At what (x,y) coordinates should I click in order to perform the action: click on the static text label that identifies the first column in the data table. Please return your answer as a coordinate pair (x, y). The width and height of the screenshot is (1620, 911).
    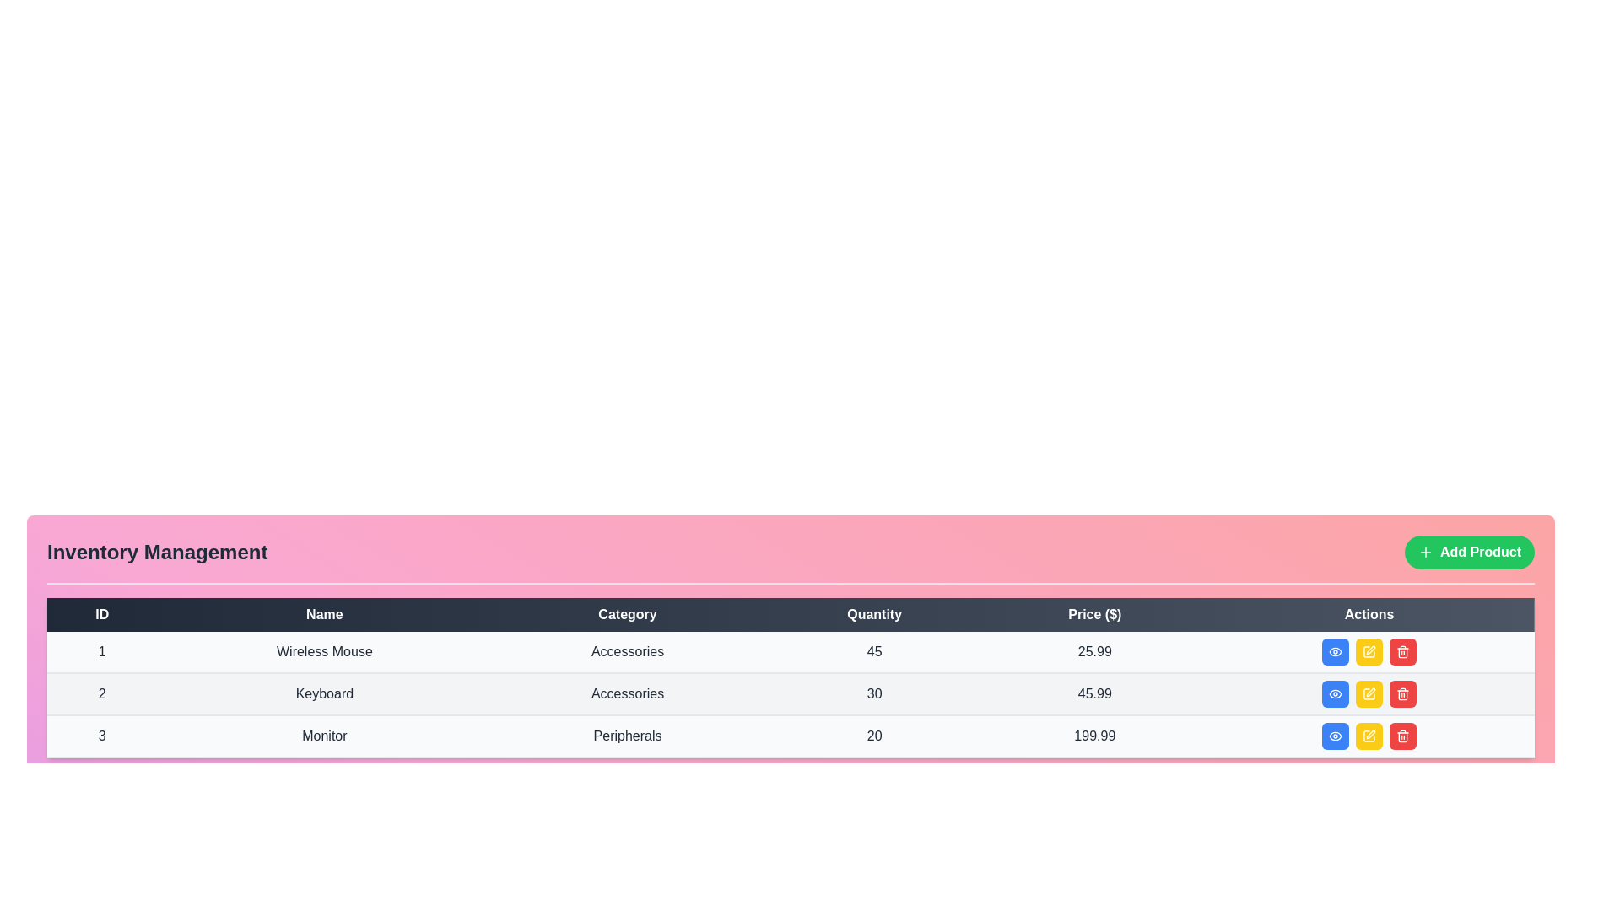
    Looking at the image, I should click on (101, 615).